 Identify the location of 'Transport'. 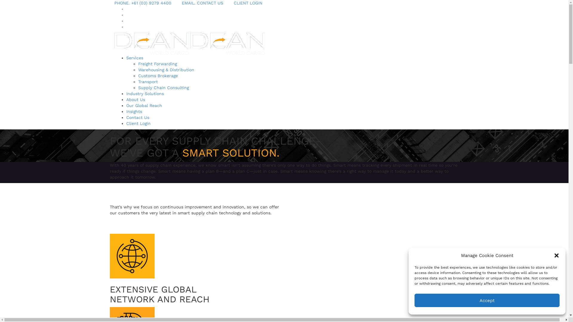
(137, 81).